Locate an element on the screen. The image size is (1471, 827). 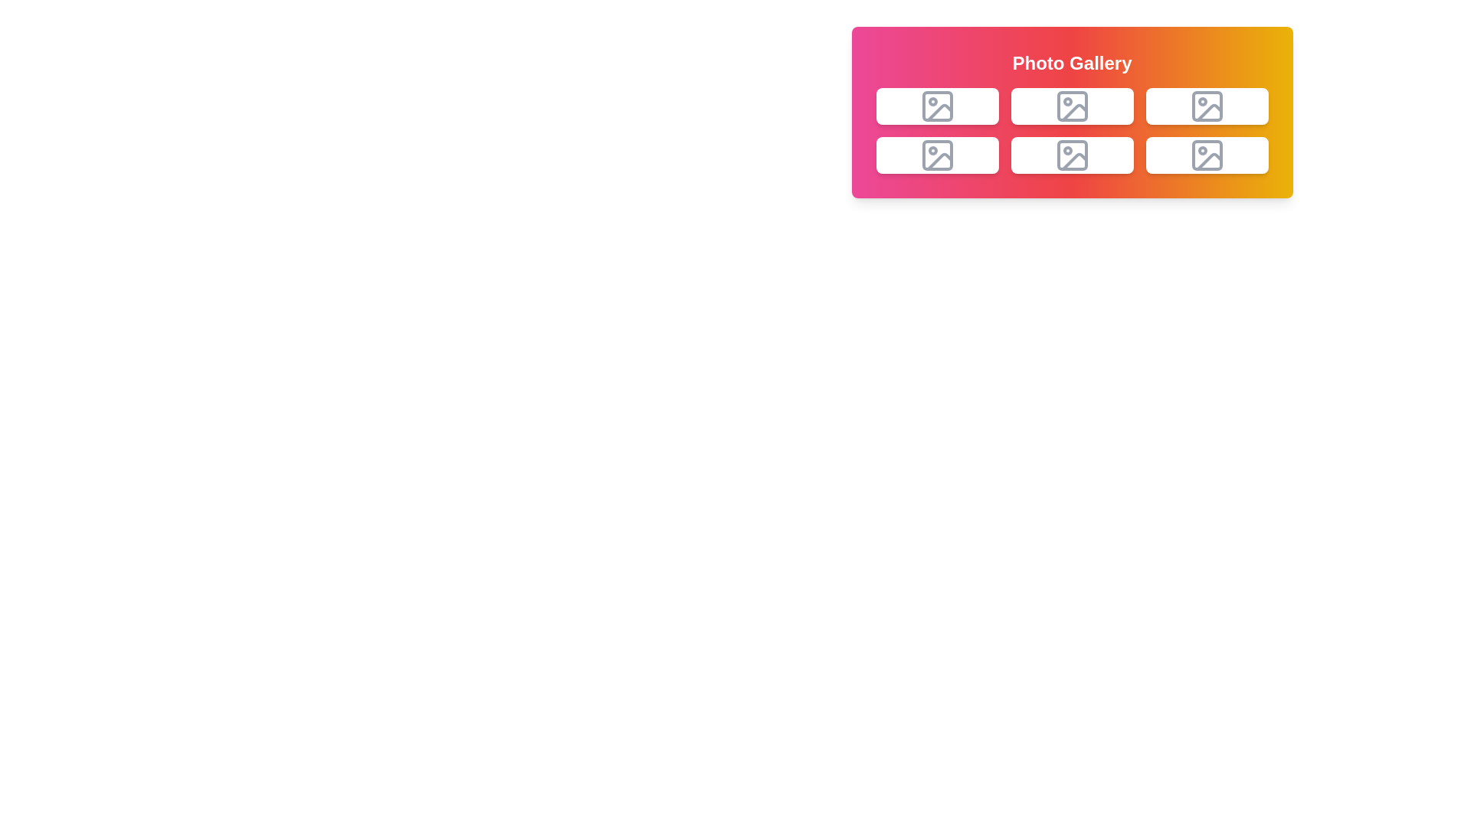
the circular white button icon located in the top-right corner of the interface that serves as a visibility toggle is located at coordinates (1186, 105).